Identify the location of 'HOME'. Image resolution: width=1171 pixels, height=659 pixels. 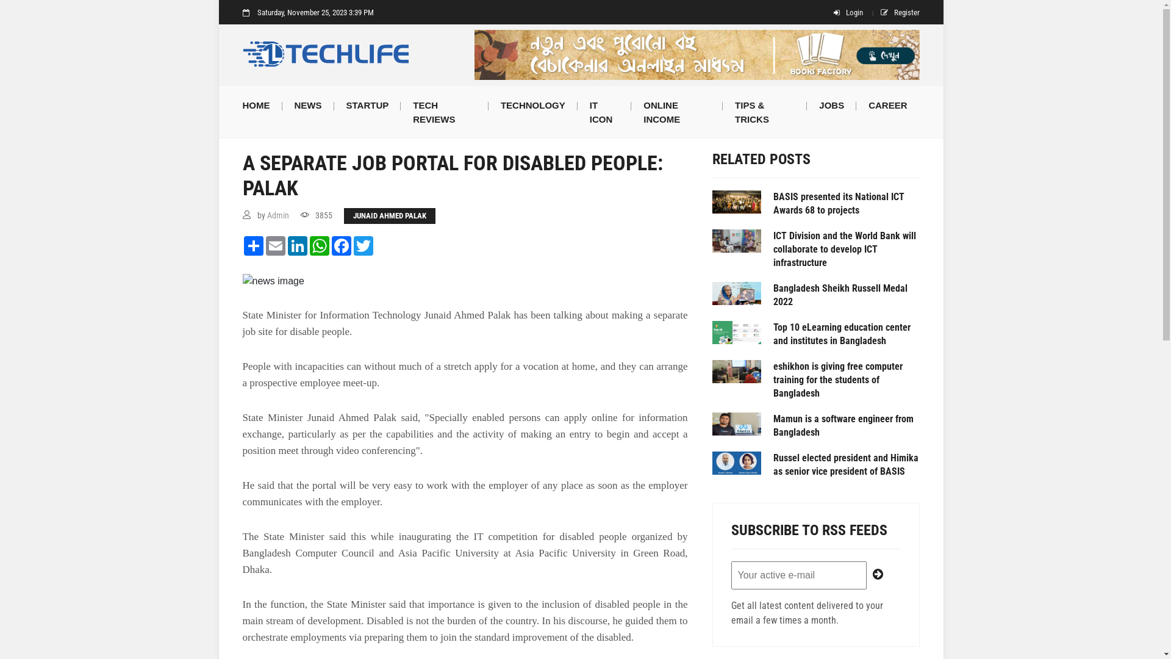
(243, 104).